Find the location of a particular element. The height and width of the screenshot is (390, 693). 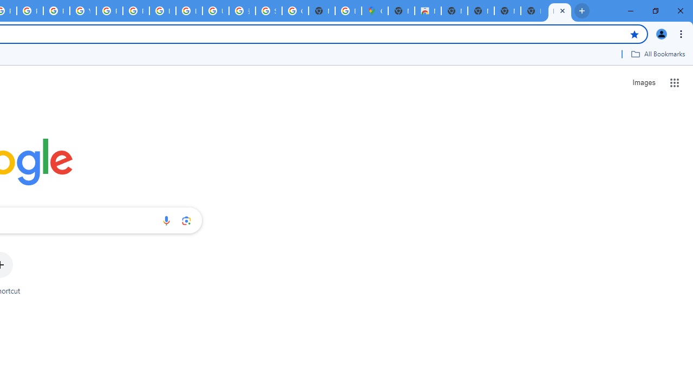

'New Tab' is located at coordinates (560, 11).